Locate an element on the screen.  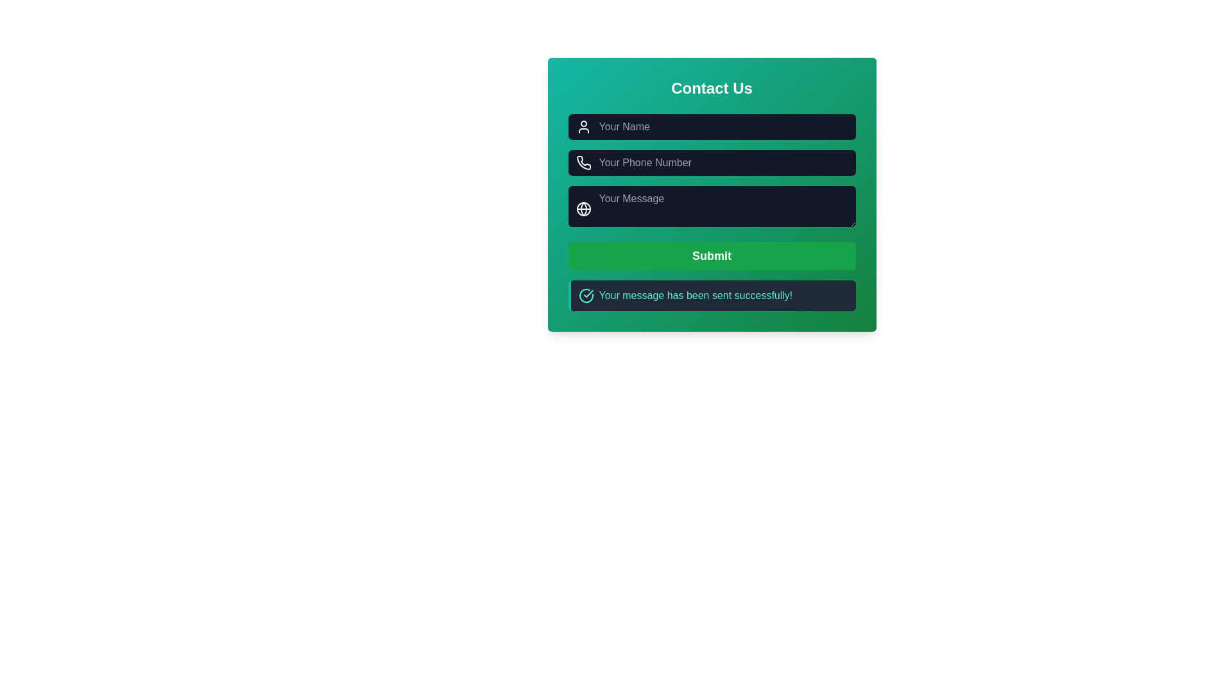
the Check Mark icon that indicates success, which is located within the notification message stating 'Your message has been sent successfully!' is located at coordinates (587, 294).